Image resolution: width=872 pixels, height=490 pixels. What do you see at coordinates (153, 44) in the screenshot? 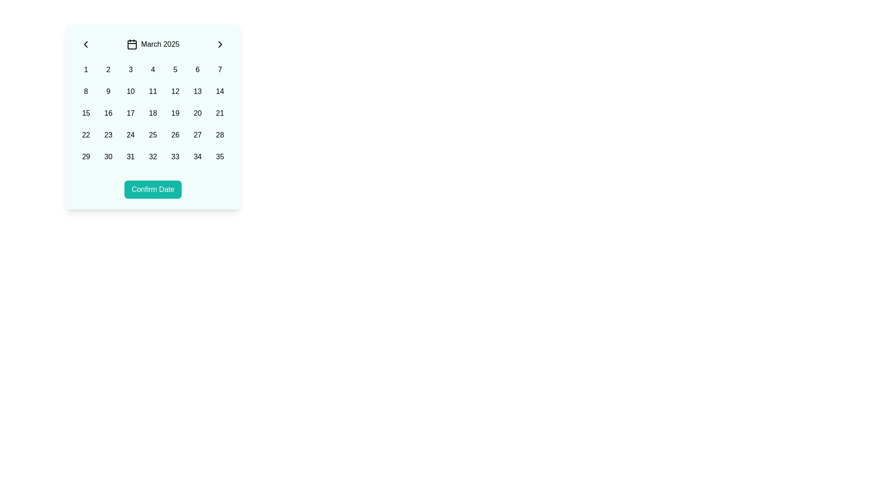
I see `the label displaying the currently selected month and year in the calendar, positioned between the left and right arrow buttons for navigation` at bounding box center [153, 44].